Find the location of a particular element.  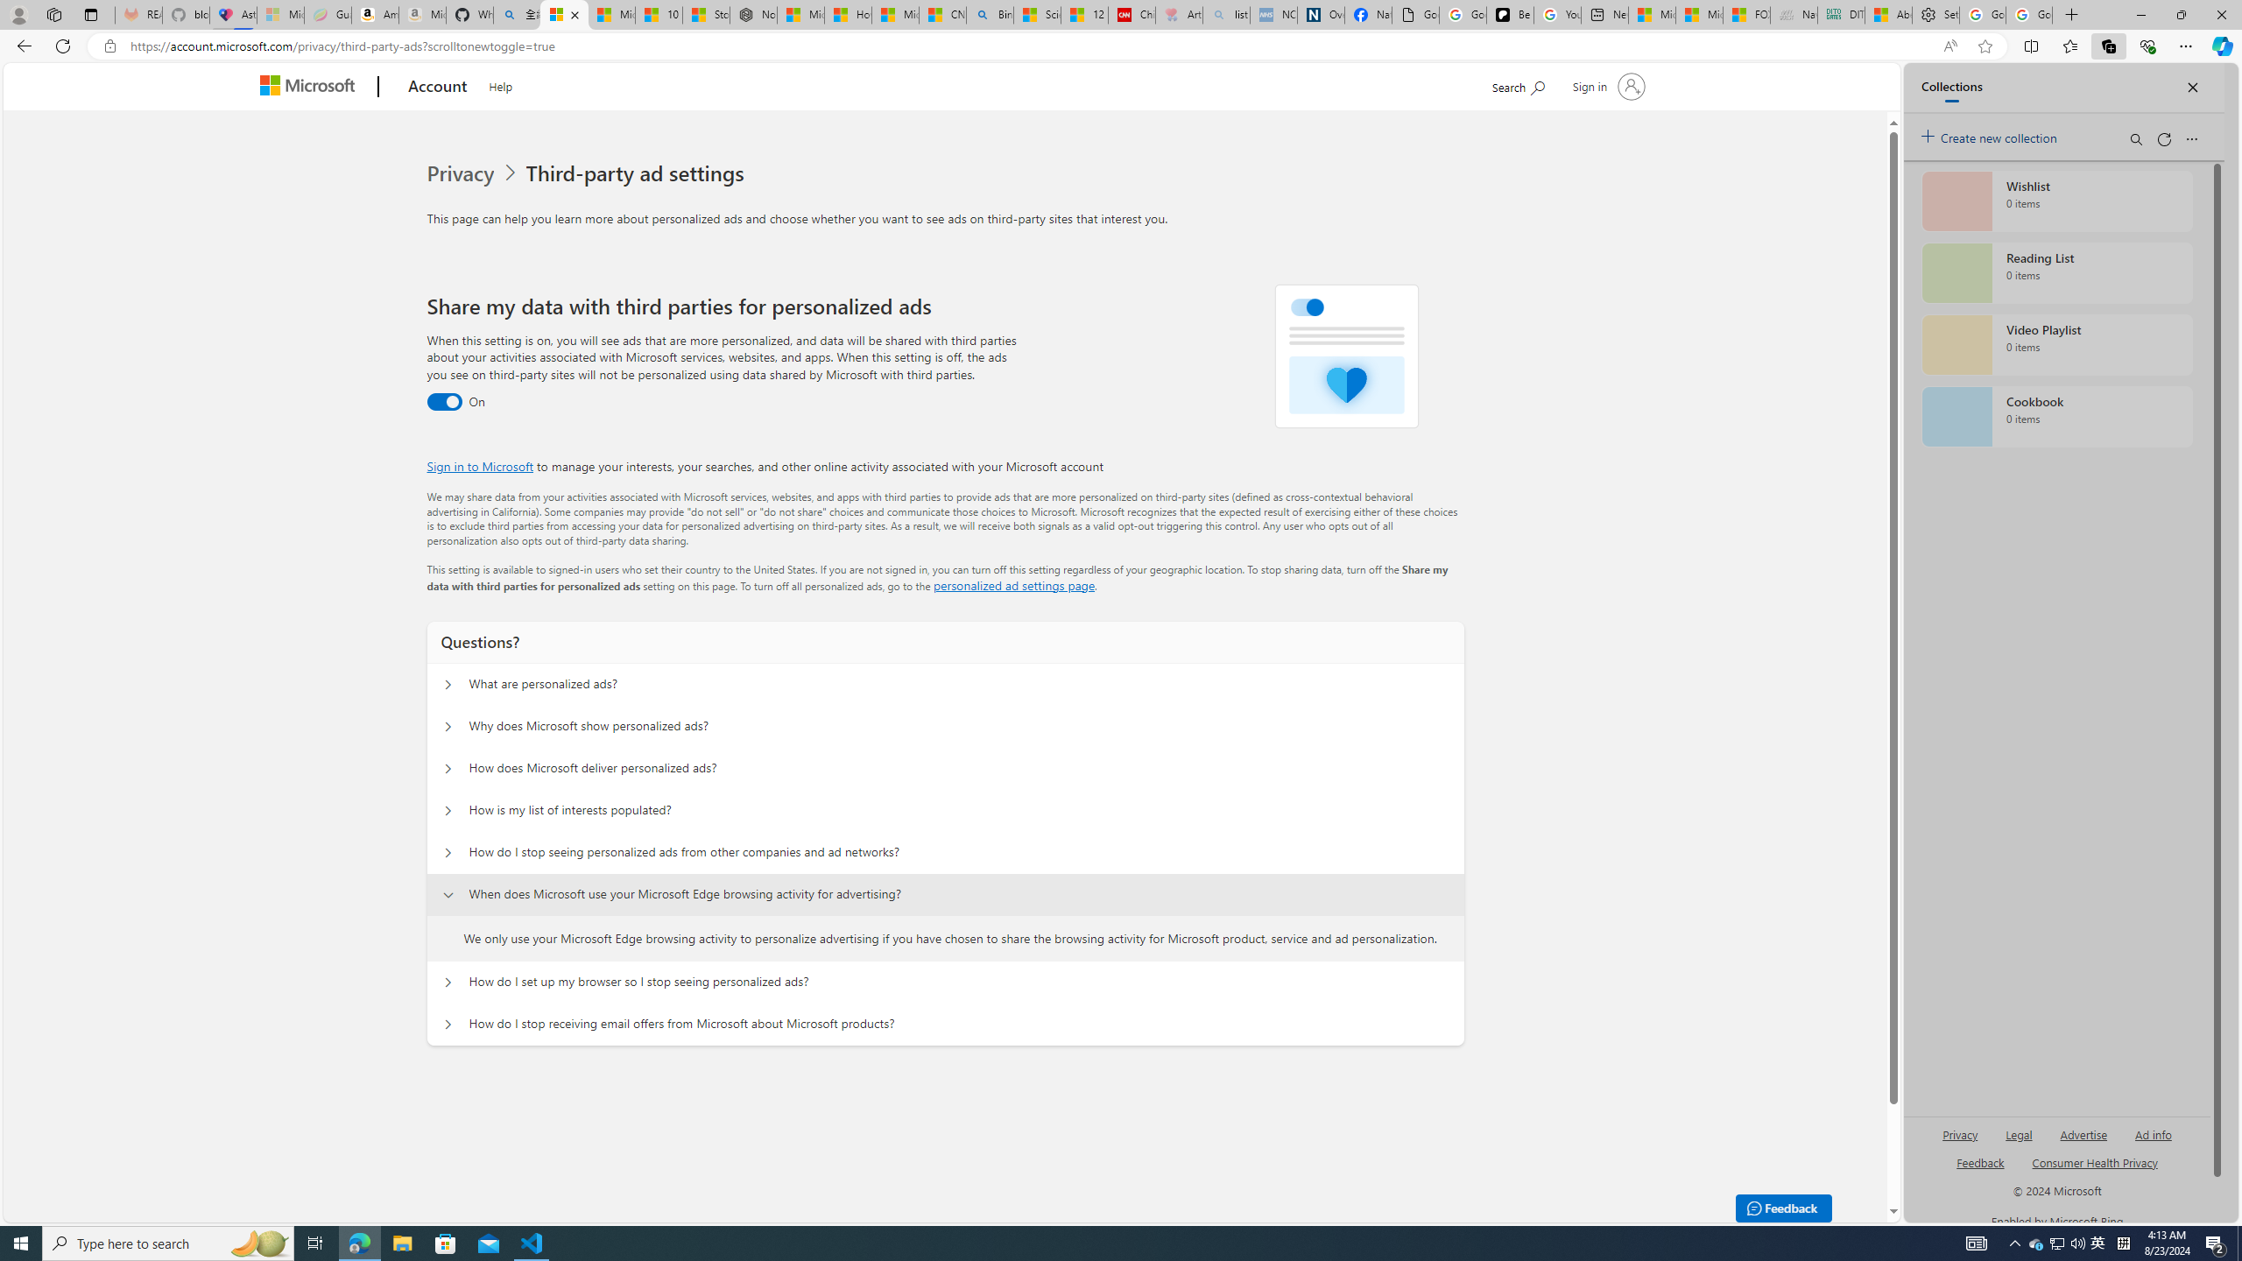

'Questions? How does Microsoft deliver personalized ads?' is located at coordinates (446, 768).